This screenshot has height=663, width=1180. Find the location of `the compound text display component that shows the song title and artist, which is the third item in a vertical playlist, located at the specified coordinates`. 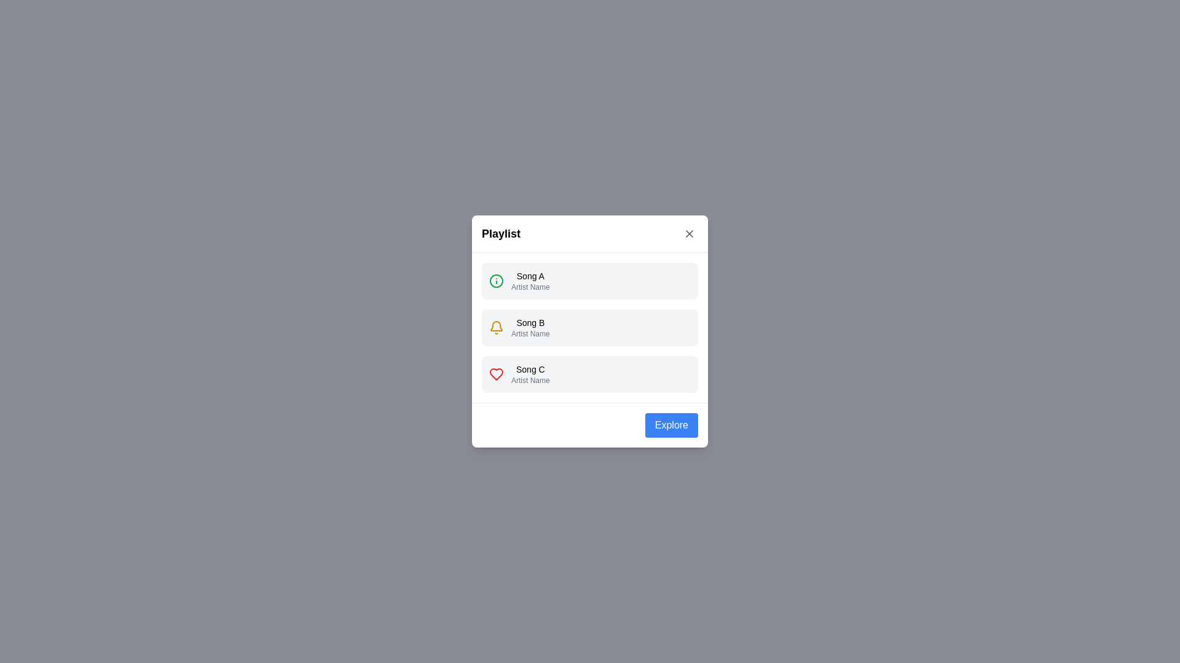

the compound text display component that shows the song title and artist, which is the third item in a vertical playlist, located at the specified coordinates is located at coordinates (530, 373).